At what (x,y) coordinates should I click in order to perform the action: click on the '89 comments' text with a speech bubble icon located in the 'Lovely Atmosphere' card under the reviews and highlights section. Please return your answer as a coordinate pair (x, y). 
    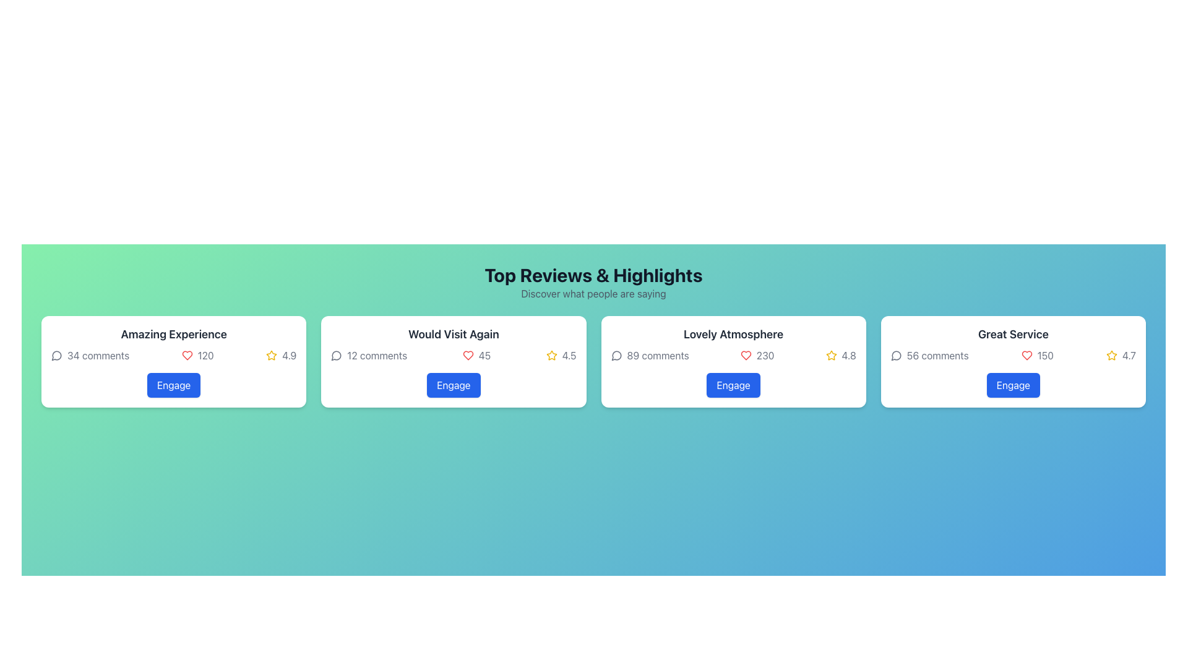
    Looking at the image, I should click on (649, 355).